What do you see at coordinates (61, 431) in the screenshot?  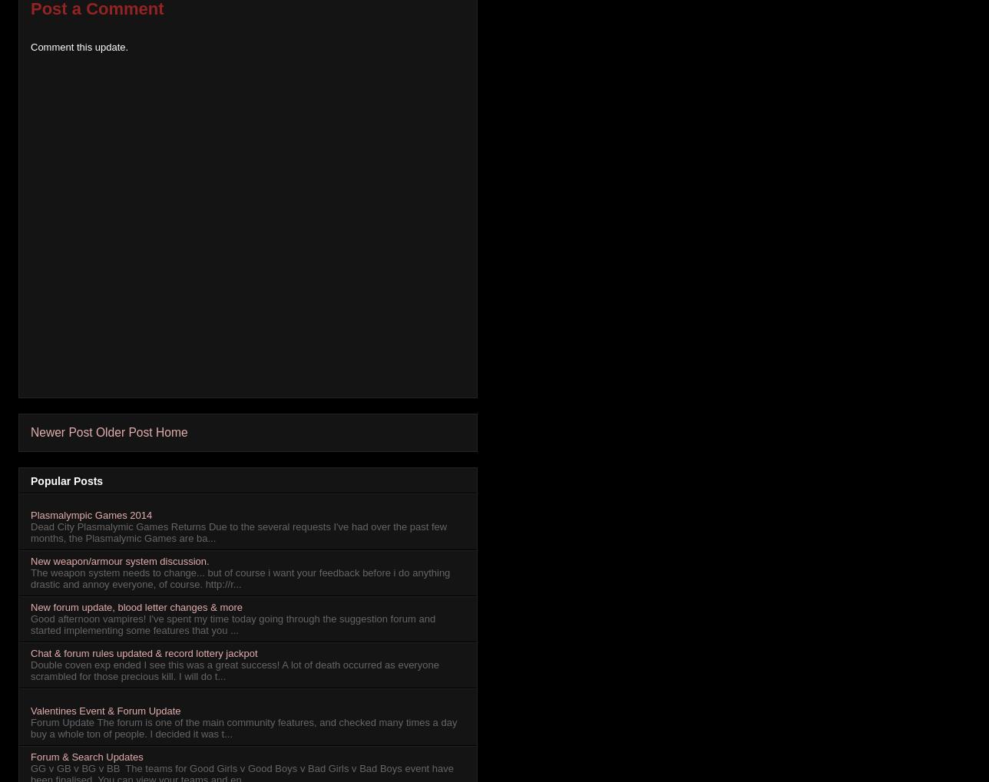 I see `'Newer Post'` at bounding box center [61, 431].